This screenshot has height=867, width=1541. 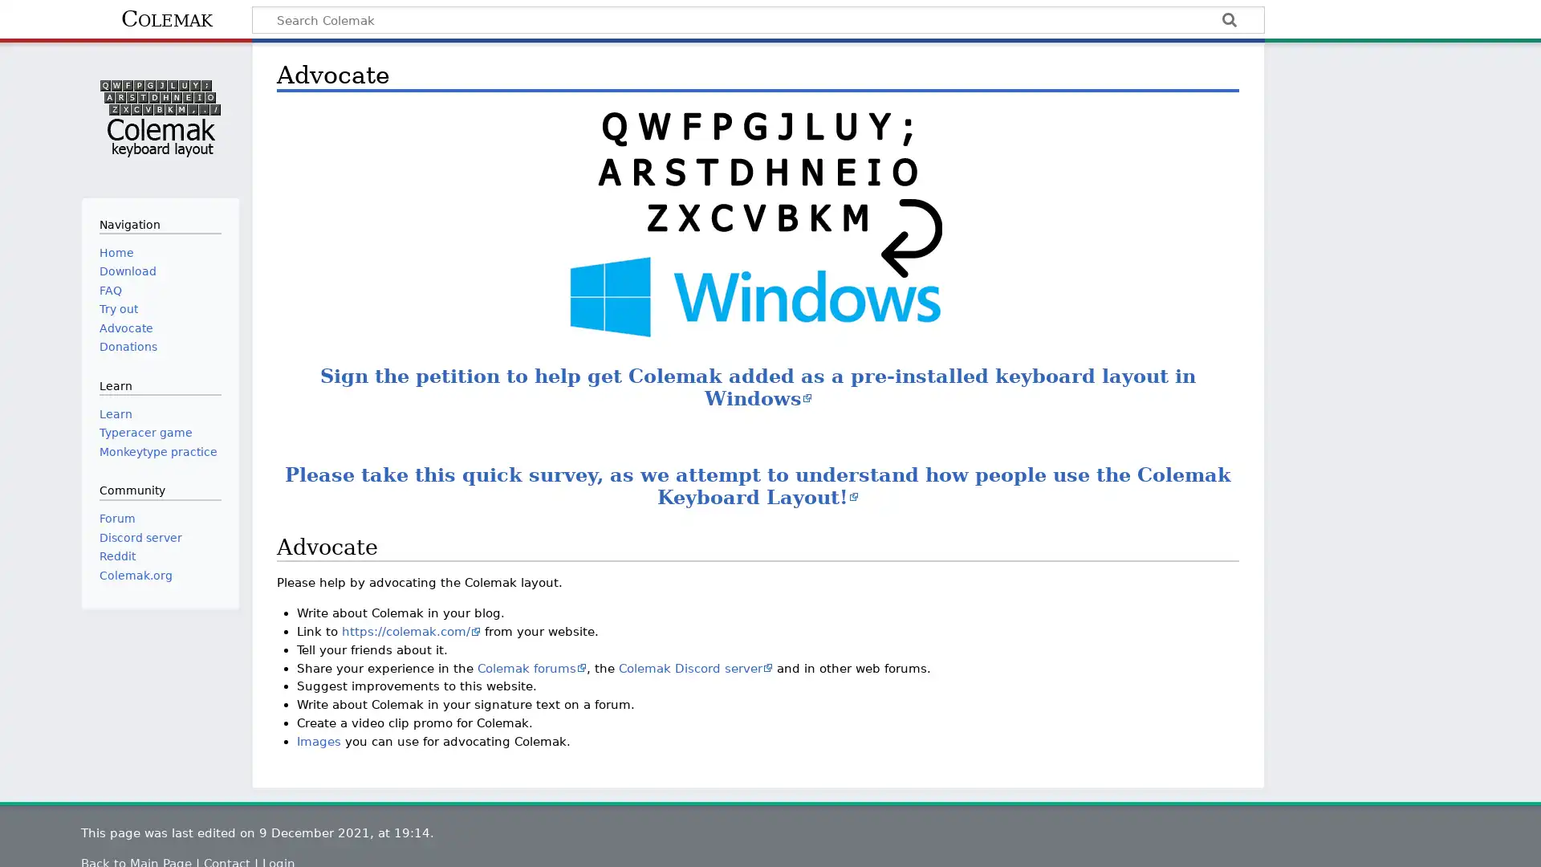 What do you see at coordinates (1228, 22) in the screenshot?
I see `Search` at bounding box center [1228, 22].